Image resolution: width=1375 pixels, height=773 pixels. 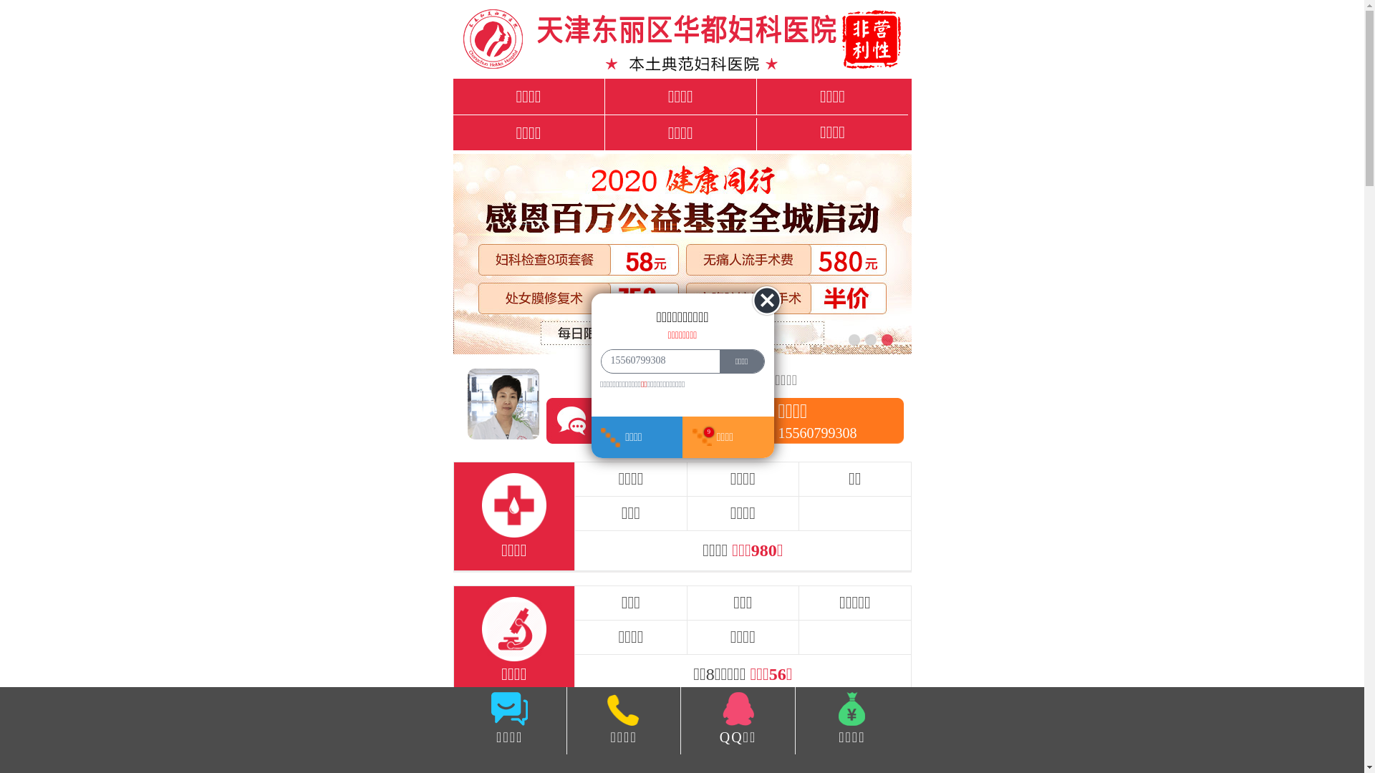 What do you see at coordinates (602, 360) in the screenshot?
I see `'15560799308 '` at bounding box center [602, 360].